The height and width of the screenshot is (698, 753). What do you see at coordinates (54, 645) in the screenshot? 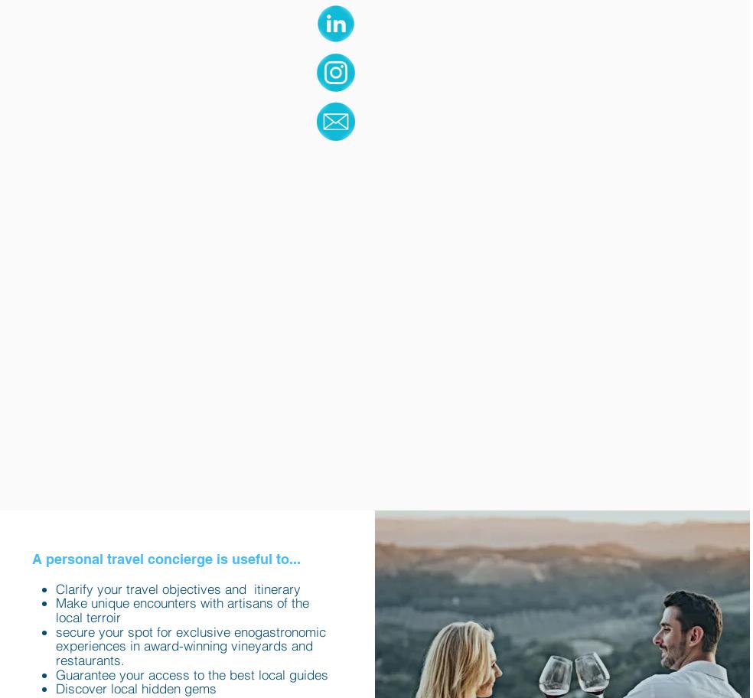
I see `'exclusive enogastronomic experiences in award-winning vineyards and restaurants.'` at bounding box center [54, 645].